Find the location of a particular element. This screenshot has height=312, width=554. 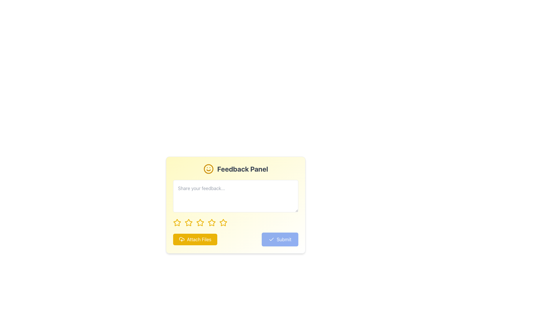

the first star in the rating selection row located below the feedback input field by moving the cursor to its center point is located at coordinates (177, 222).